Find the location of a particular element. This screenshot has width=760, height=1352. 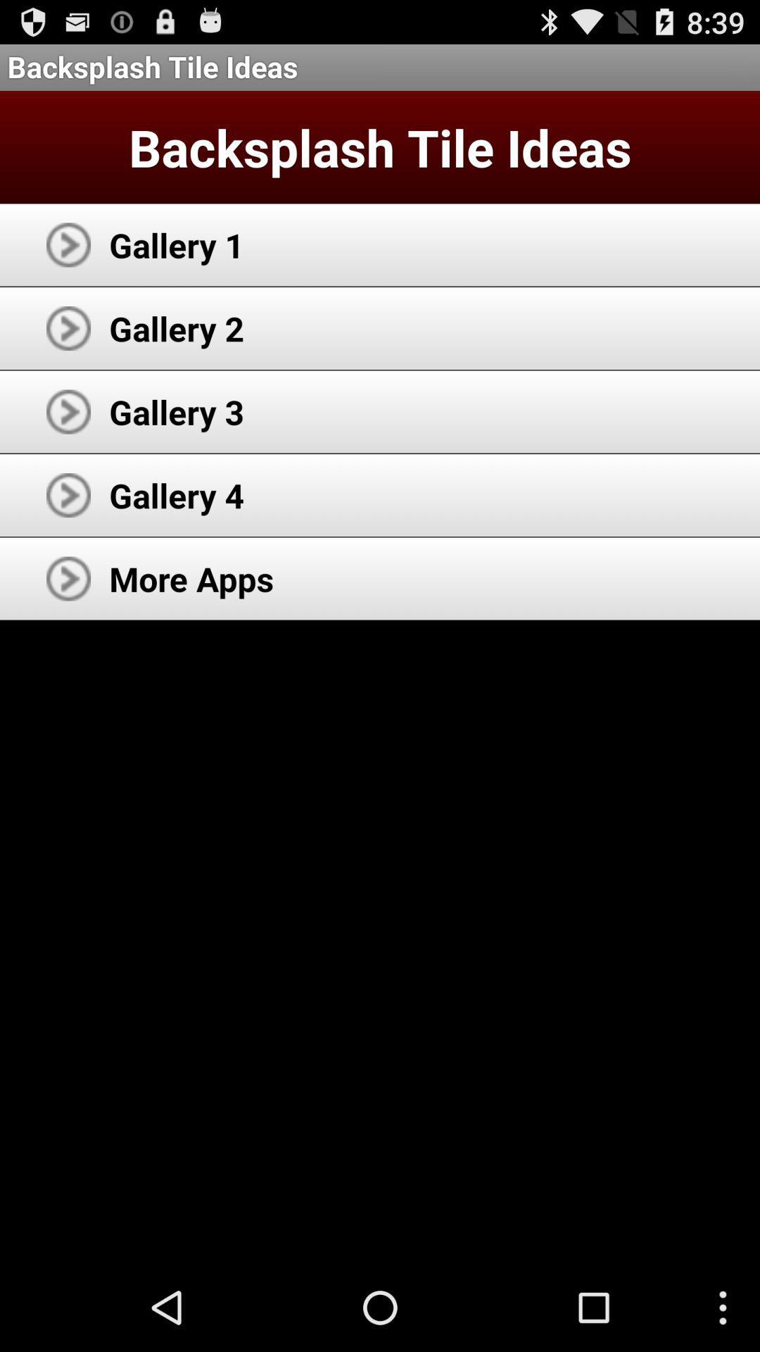

the gallery 1 app is located at coordinates (176, 244).